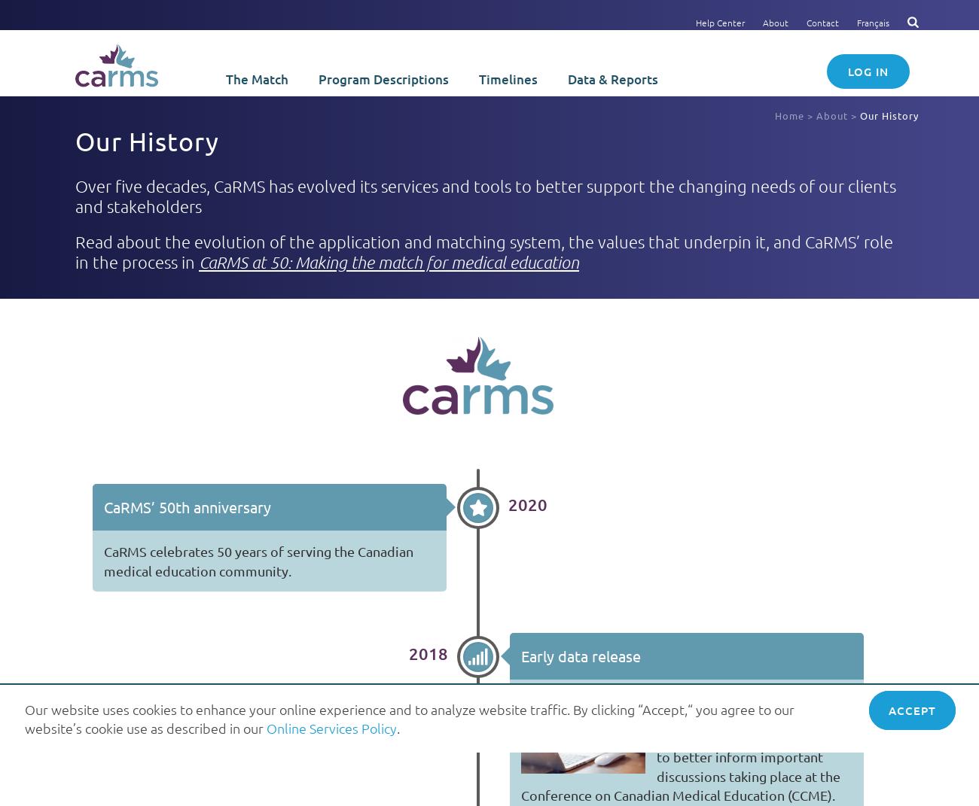 The height and width of the screenshot is (806, 979). What do you see at coordinates (720, 21) in the screenshot?
I see `'Help Center'` at bounding box center [720, 21].